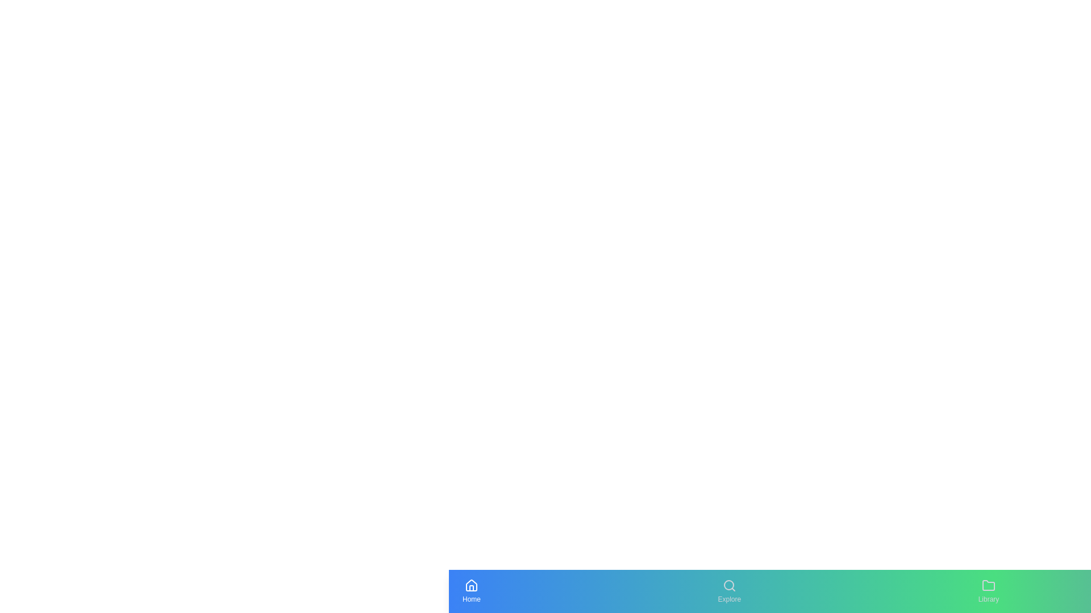 The height and width of the screenshot is (613, 1091). I want to click on the navigation tab labeled Library to navigate to the respective section, so click(987, 590).